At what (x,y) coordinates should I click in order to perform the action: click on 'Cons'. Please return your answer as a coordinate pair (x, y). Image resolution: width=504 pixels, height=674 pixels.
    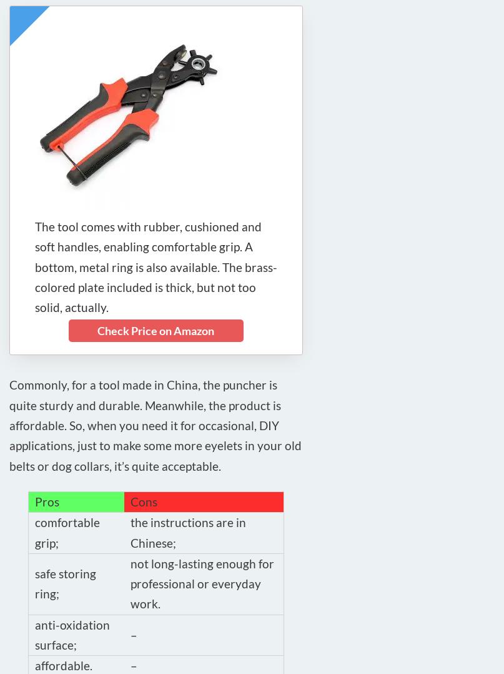
    Looking at the image, I should click on (144, 500).